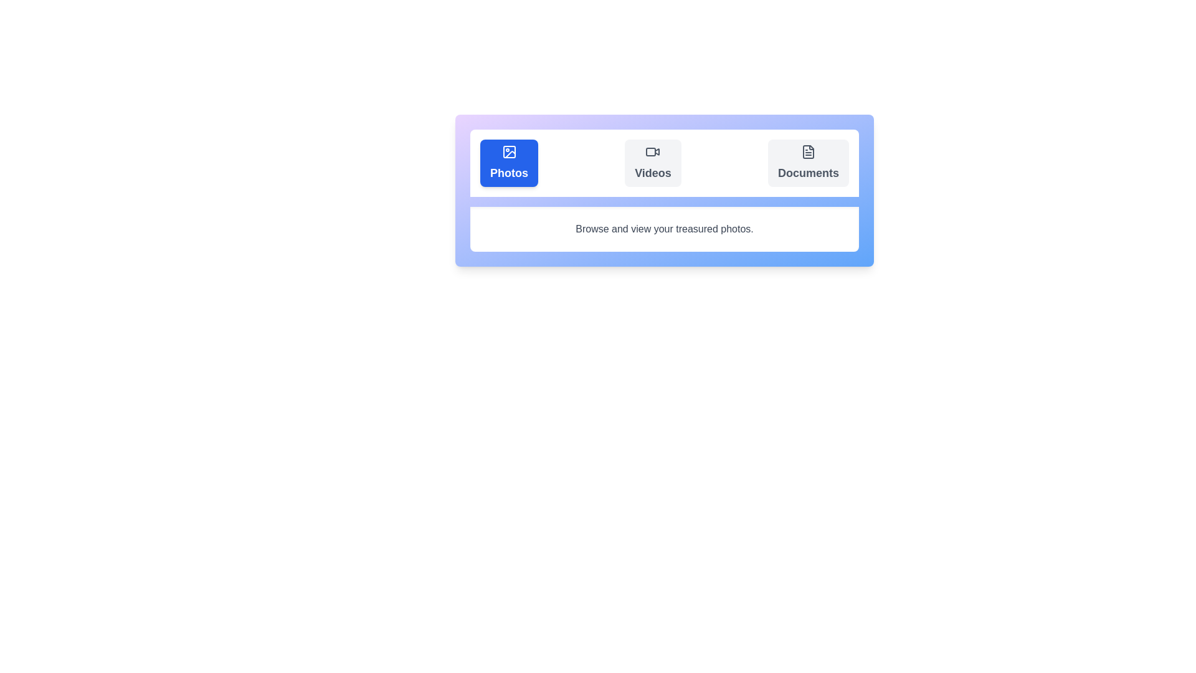 This screenshot has height=673, width=1196. What do you see at coordinates (663, 229) in the screenshot?
I see `the static text label that provides descriptive information about browsing and viewing photos, located below the options 'Photos,' 'Videos,' and 'Documents.'` at bounding box center [663, 229].